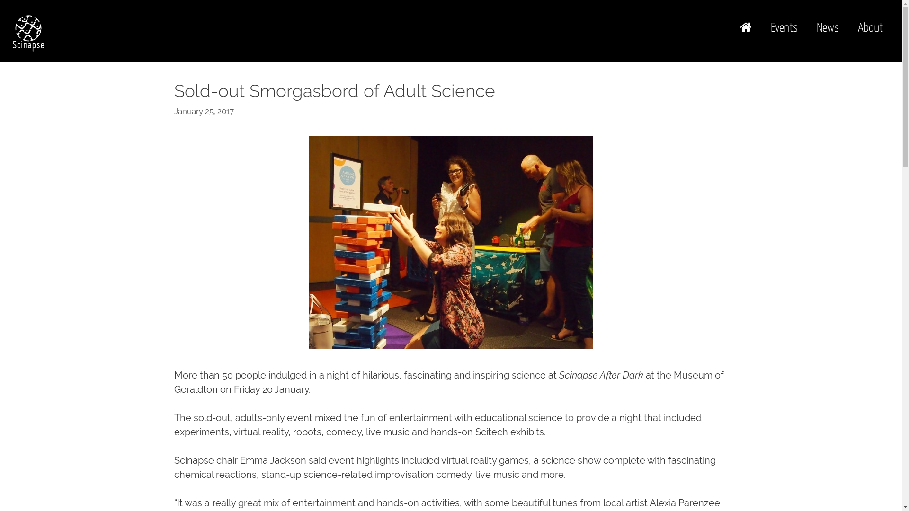 The width and height of the screenshot is (909, 511). What do you see at coordinates (0, 0) in the screenshot?
I see `'Skip to content'` at bounding box center [0, 0].